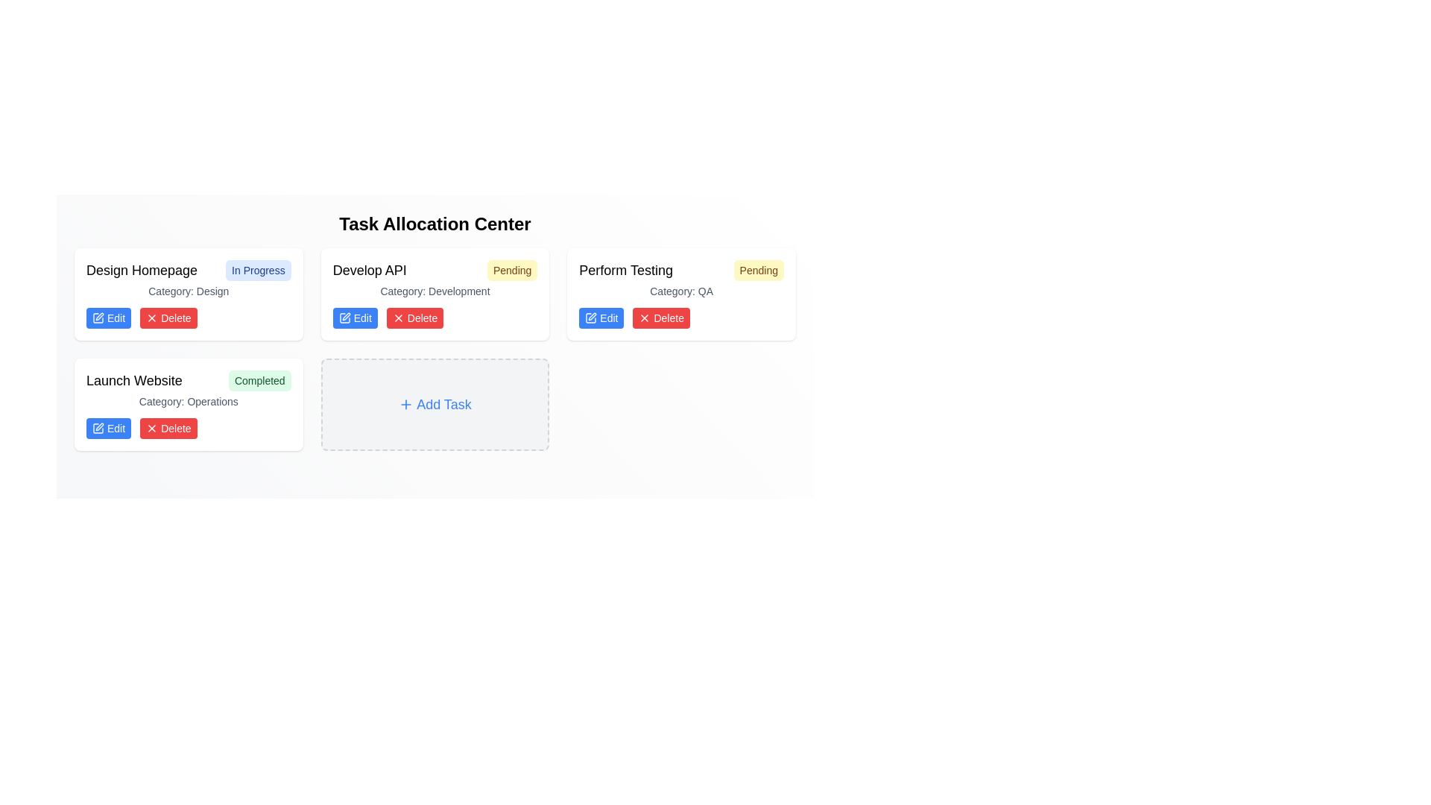  I want to click on the task card titled 'Launch Website' with the status indicator 'Completed' located in the bottom-left card of the grid for task-related actions, so click(188, 379).